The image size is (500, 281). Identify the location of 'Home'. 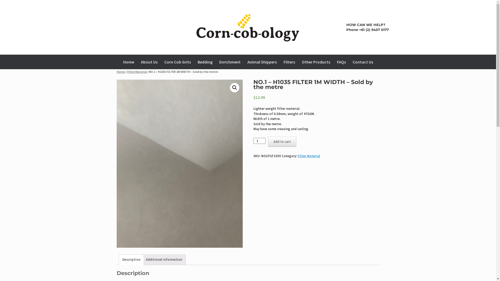
(121, 72).